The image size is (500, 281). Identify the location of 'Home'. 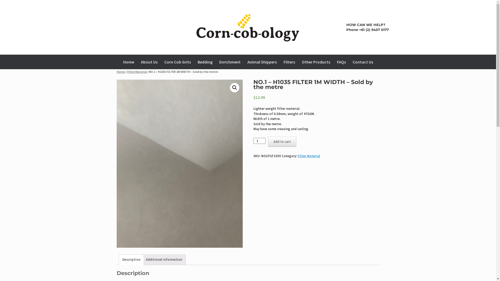
(121, 72).